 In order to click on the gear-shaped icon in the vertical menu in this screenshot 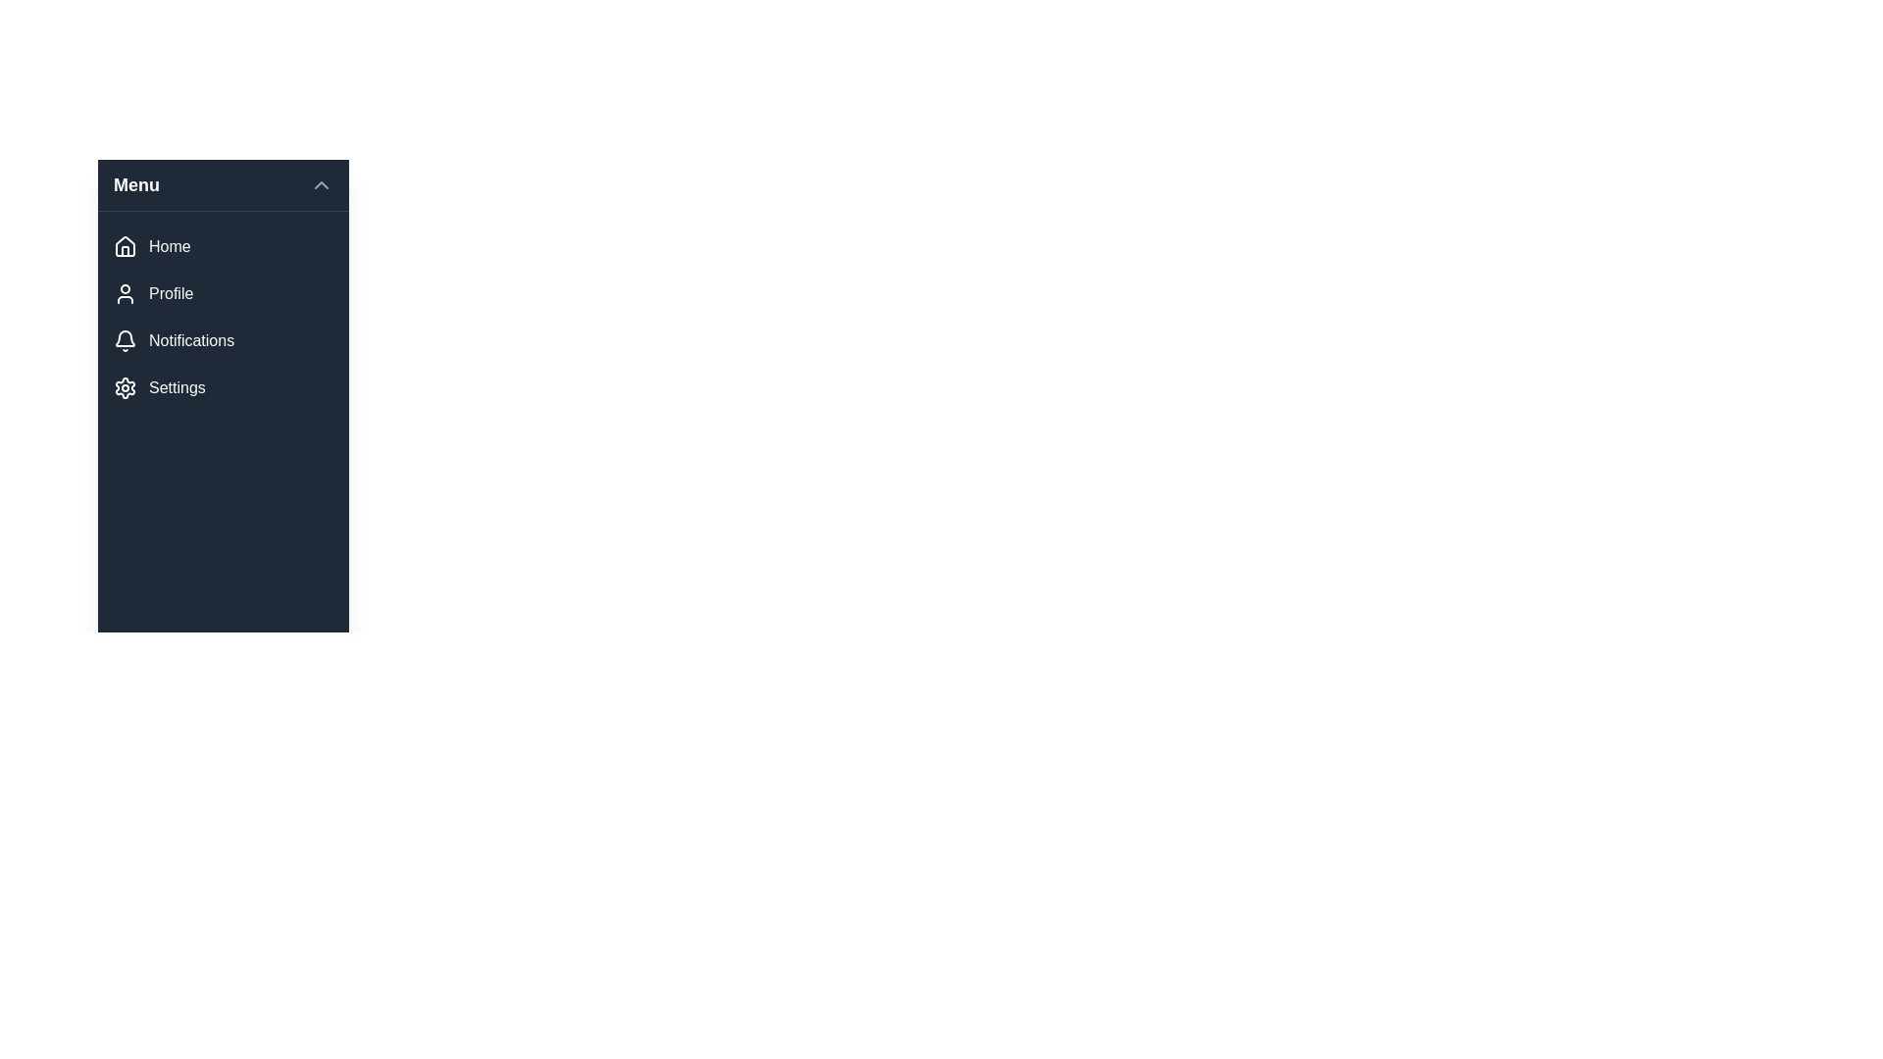, I will do `click(125, 388)`.